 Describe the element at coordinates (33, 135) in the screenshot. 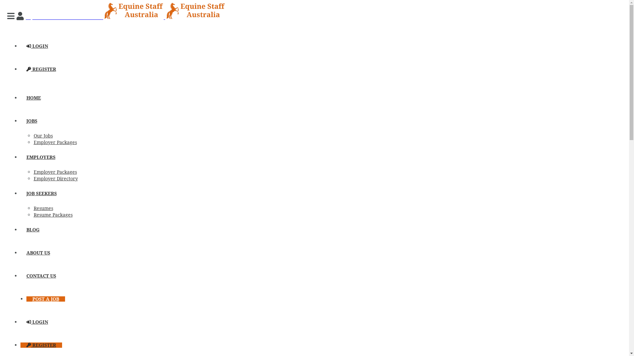

I see `'Our Jobs'` at that location.